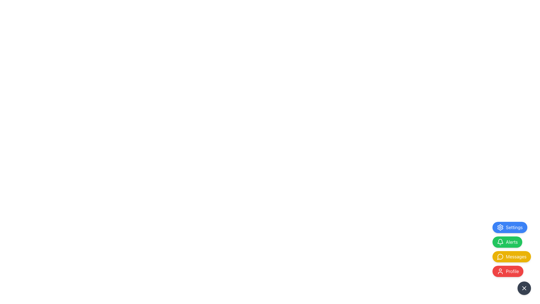 Image resolution: width=540 pixels, height=304 pixels. Describe the element at coordinates (512, 256) in the screenshot. I see `the 'Messages' button, which is the third button in a vertical list on the right side of the layout, positioned between the green 'Alerts' button and the red 'Profile' button` at that location.